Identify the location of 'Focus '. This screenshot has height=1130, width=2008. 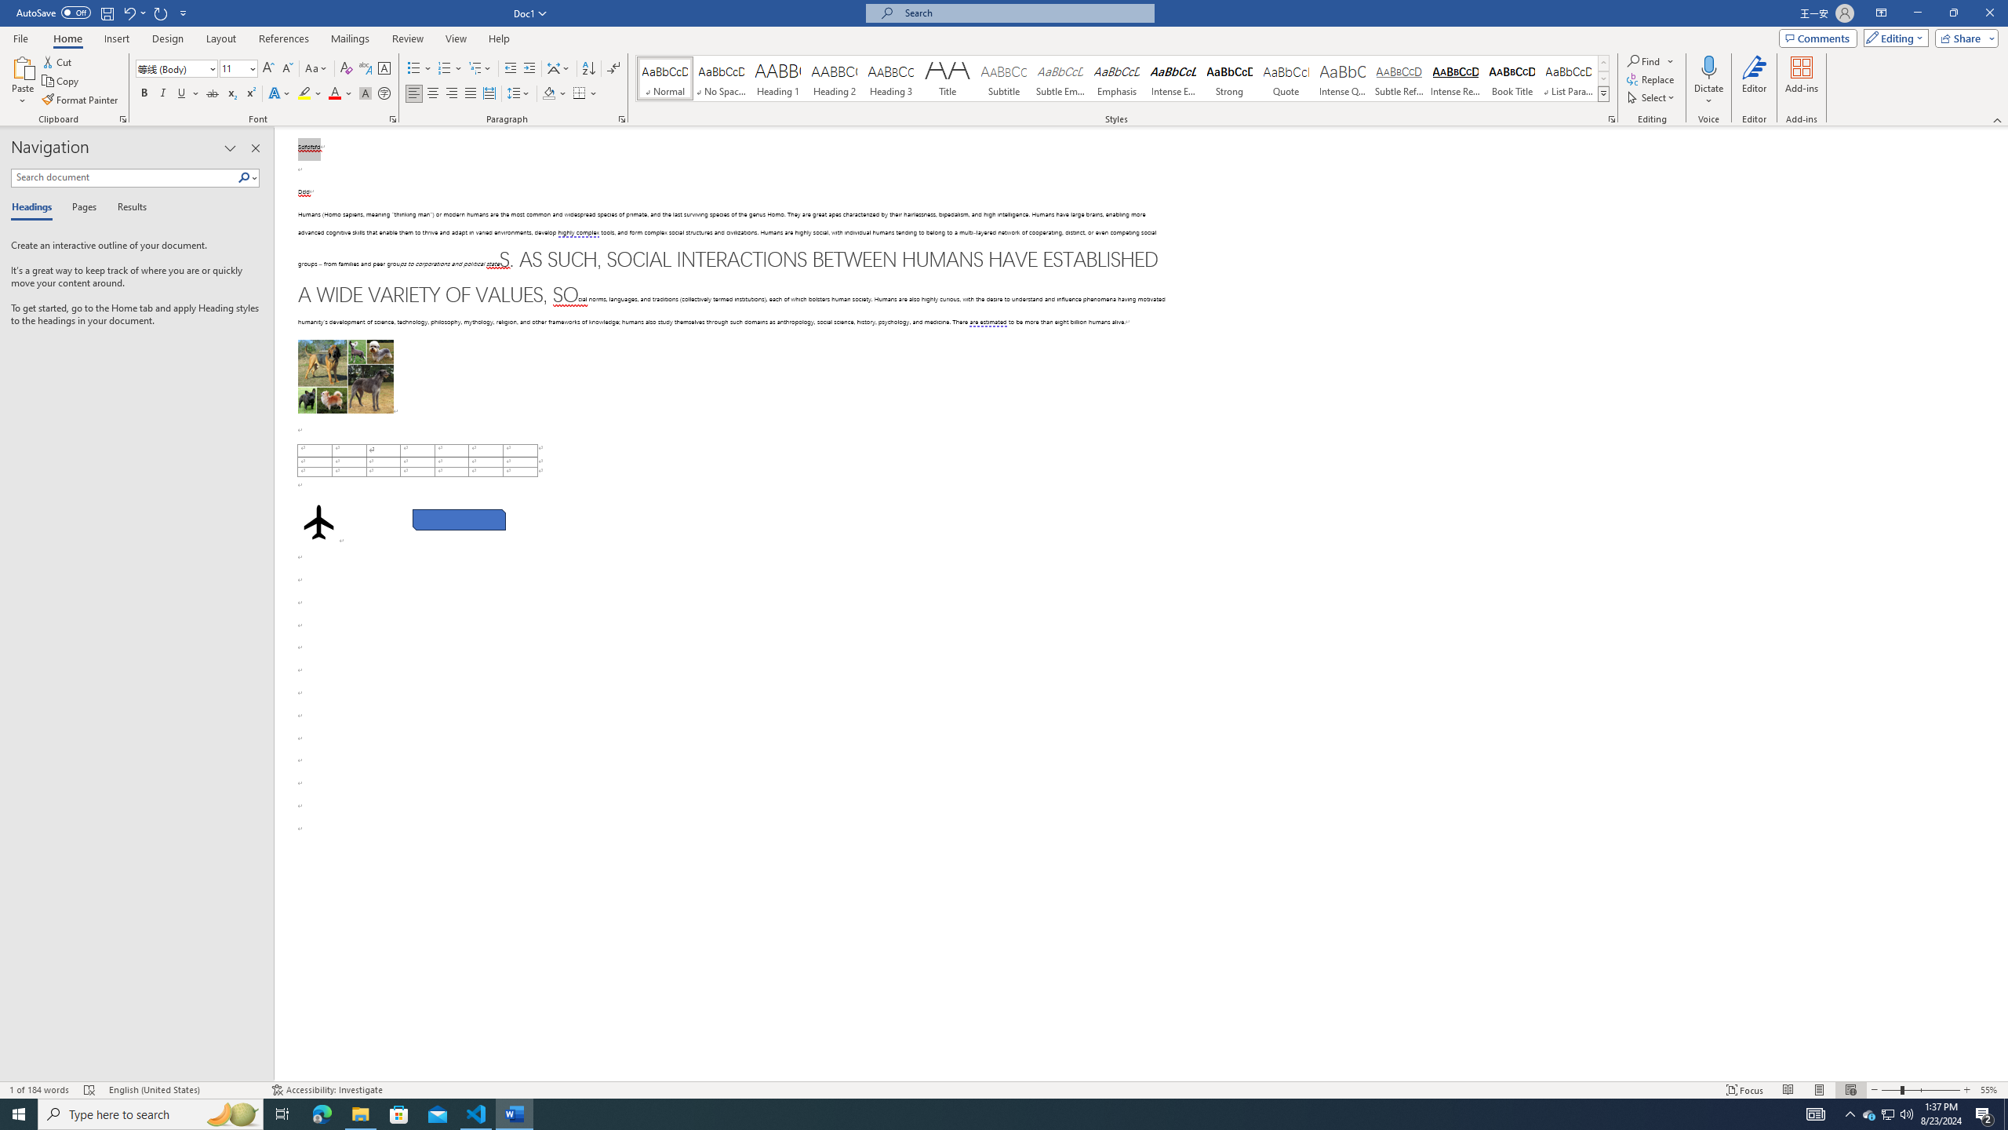
(1745, 1090).